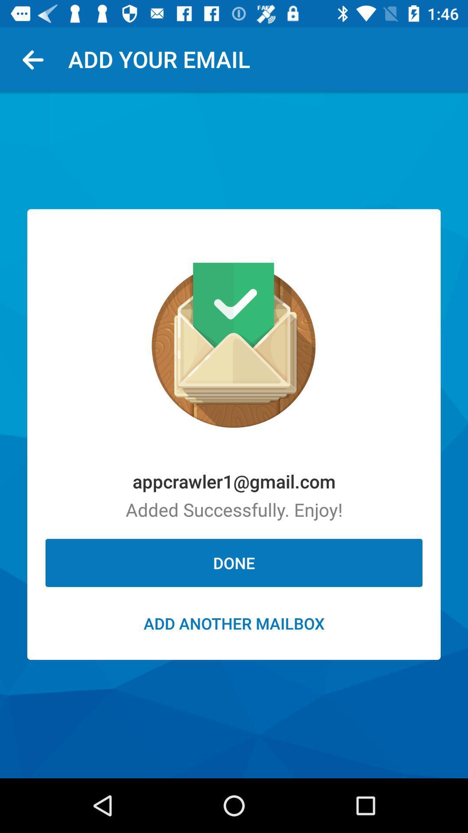  I want to click on icon above the add another mailbox icon, so click(234, 563).